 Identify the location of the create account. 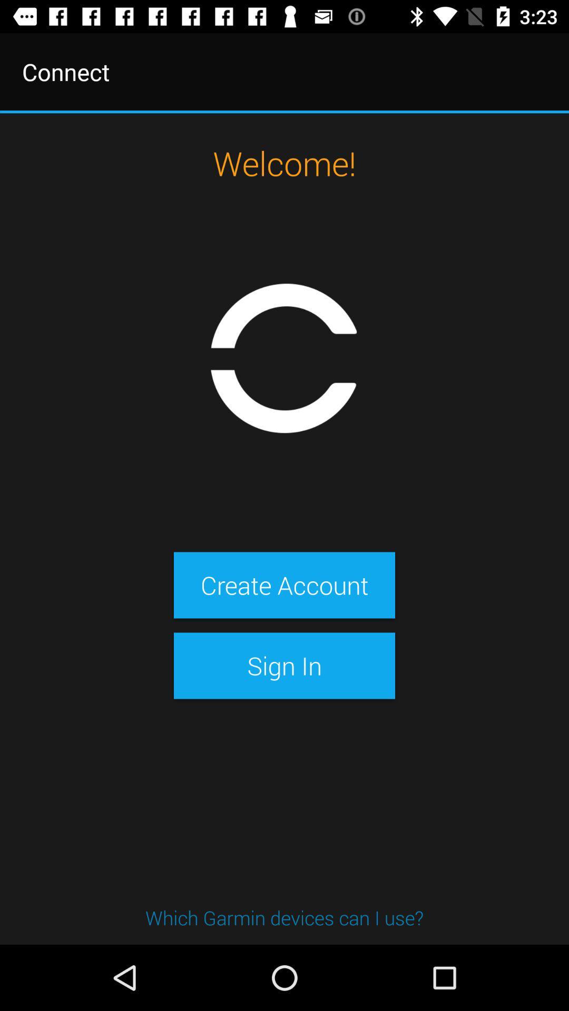
(284, 584).